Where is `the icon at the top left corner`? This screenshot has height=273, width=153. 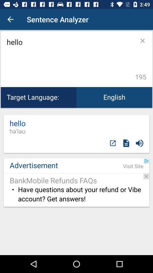 the icon at the top left corner is located at coordinates (10, 19).